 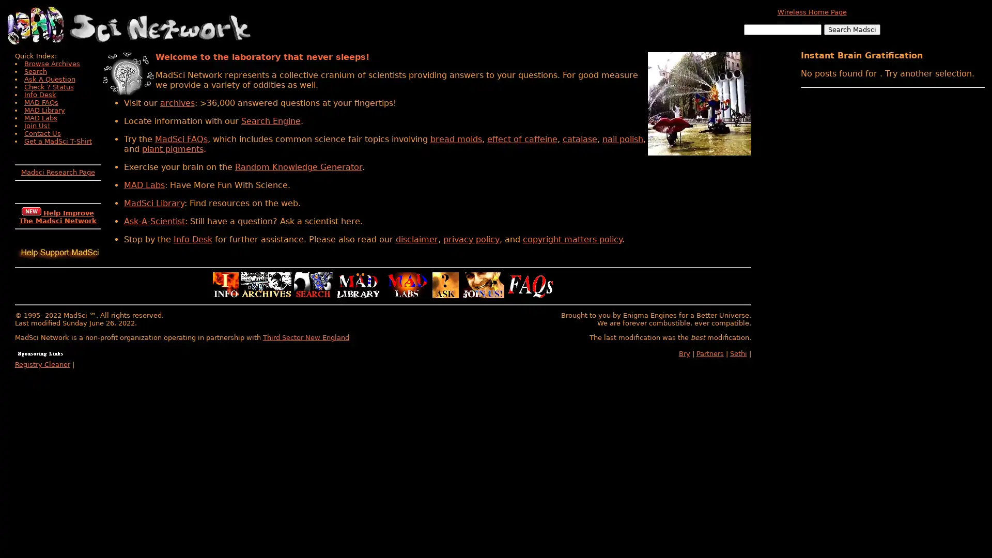 What do you see at coordinates (851, 29) in the screenshot?
I see `Search Madsci` at bounding box center [851, 29].